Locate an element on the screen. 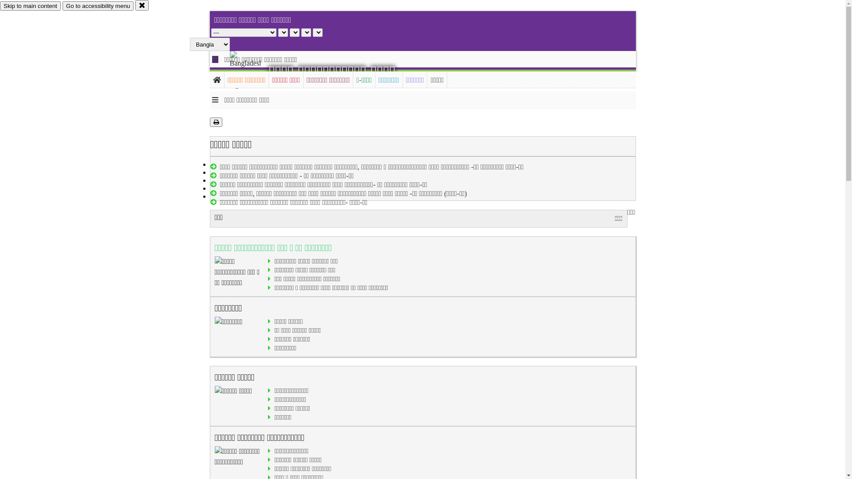 The image size is (852, 479). 'Go to accessibility menu' is located at coordinates (62, 6).